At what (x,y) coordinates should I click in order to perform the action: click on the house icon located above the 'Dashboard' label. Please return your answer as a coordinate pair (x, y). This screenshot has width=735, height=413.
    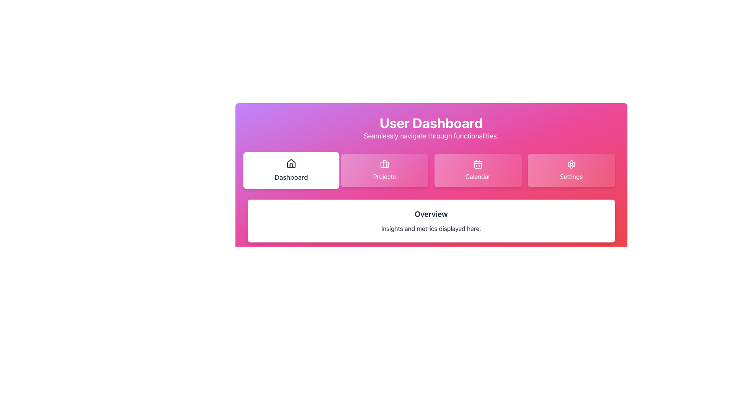
    Looking at the image, I should click on (291, 163).